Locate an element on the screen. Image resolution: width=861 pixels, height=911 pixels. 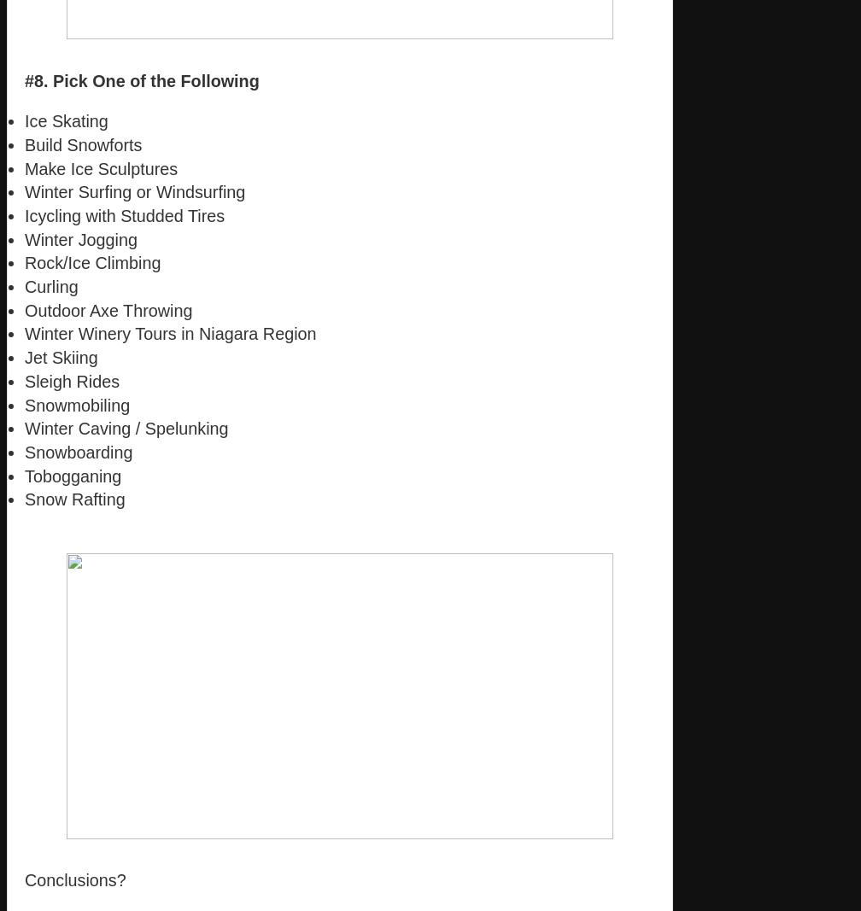
'Conclusions?' is located at coordinates (74, 880).